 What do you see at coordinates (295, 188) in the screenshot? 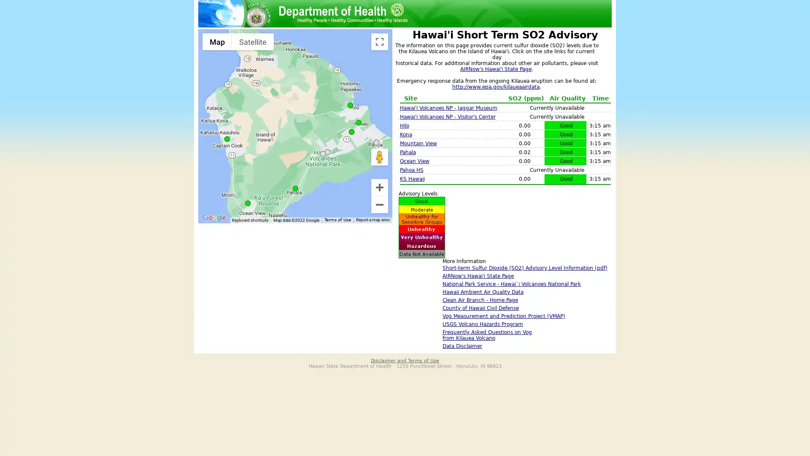
I see `Pahala: SO2 0.02 ppm (Good) on 06/28 at 03:15 am` at bounding box center [295, 188].